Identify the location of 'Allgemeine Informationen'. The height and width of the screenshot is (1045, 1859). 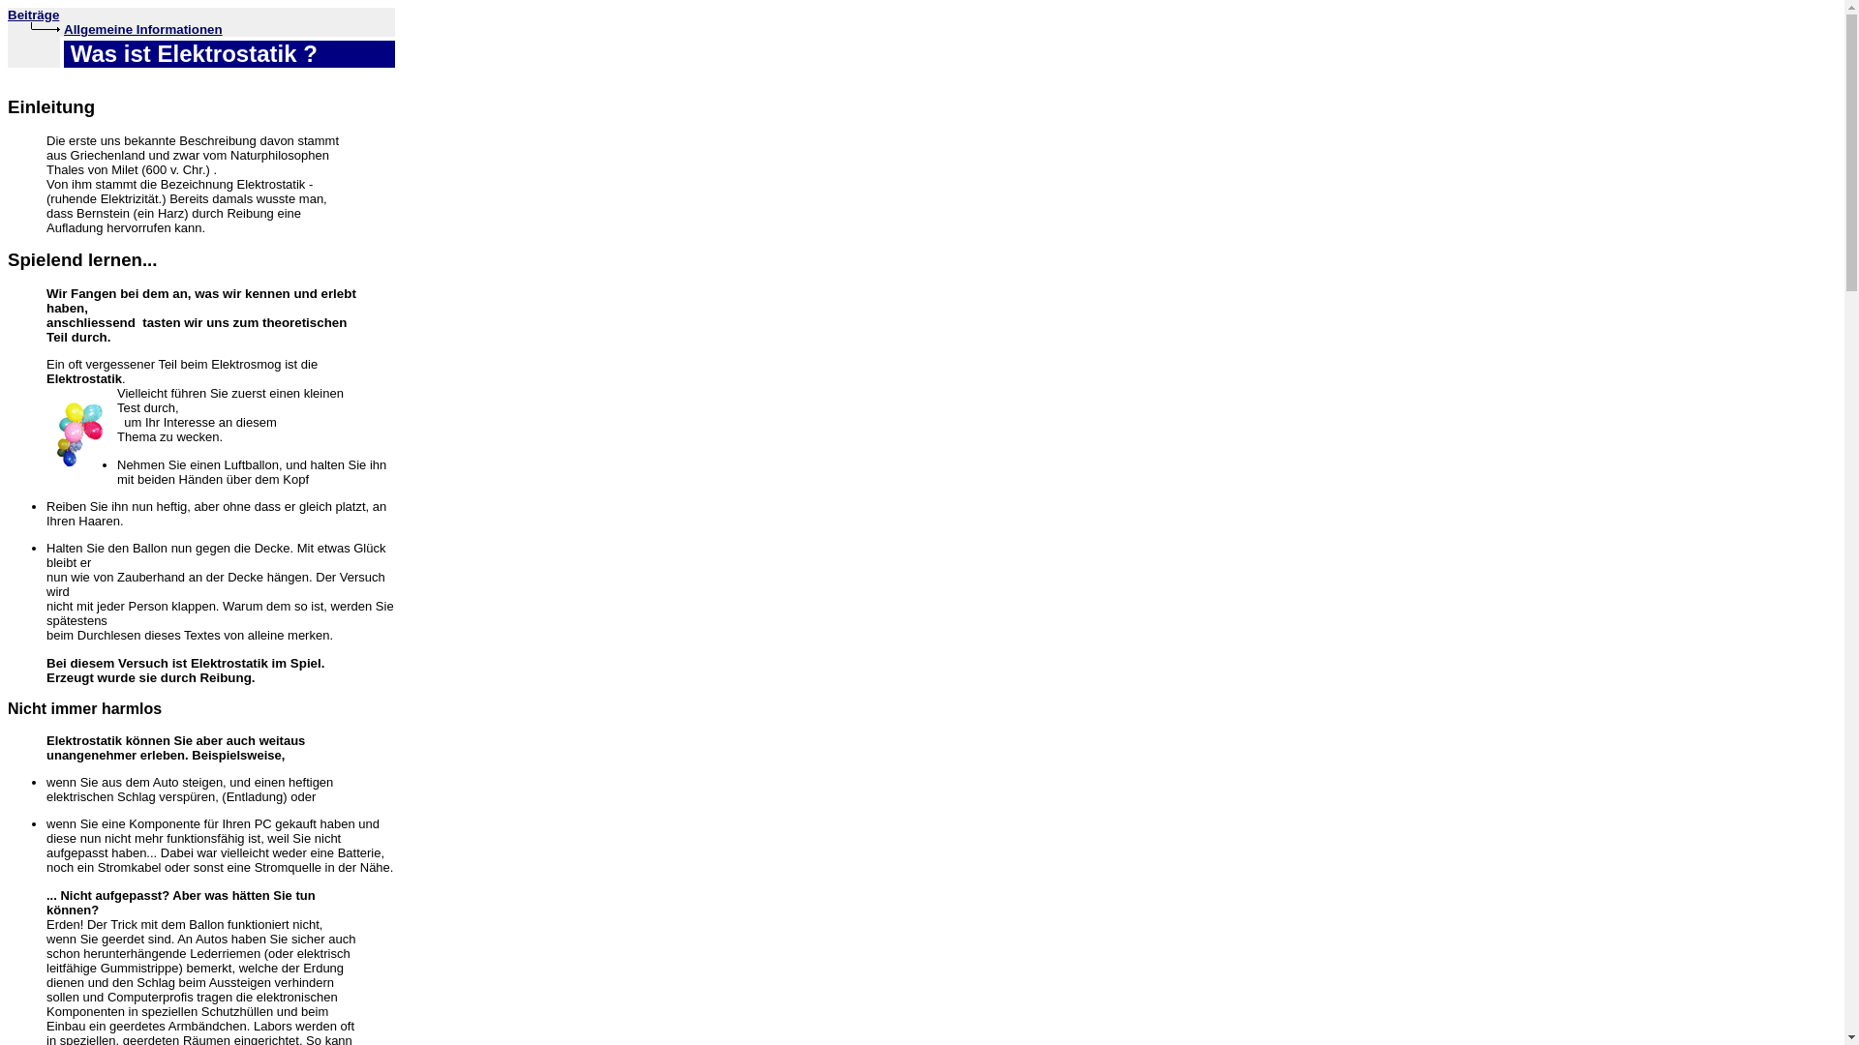
(142, 29).